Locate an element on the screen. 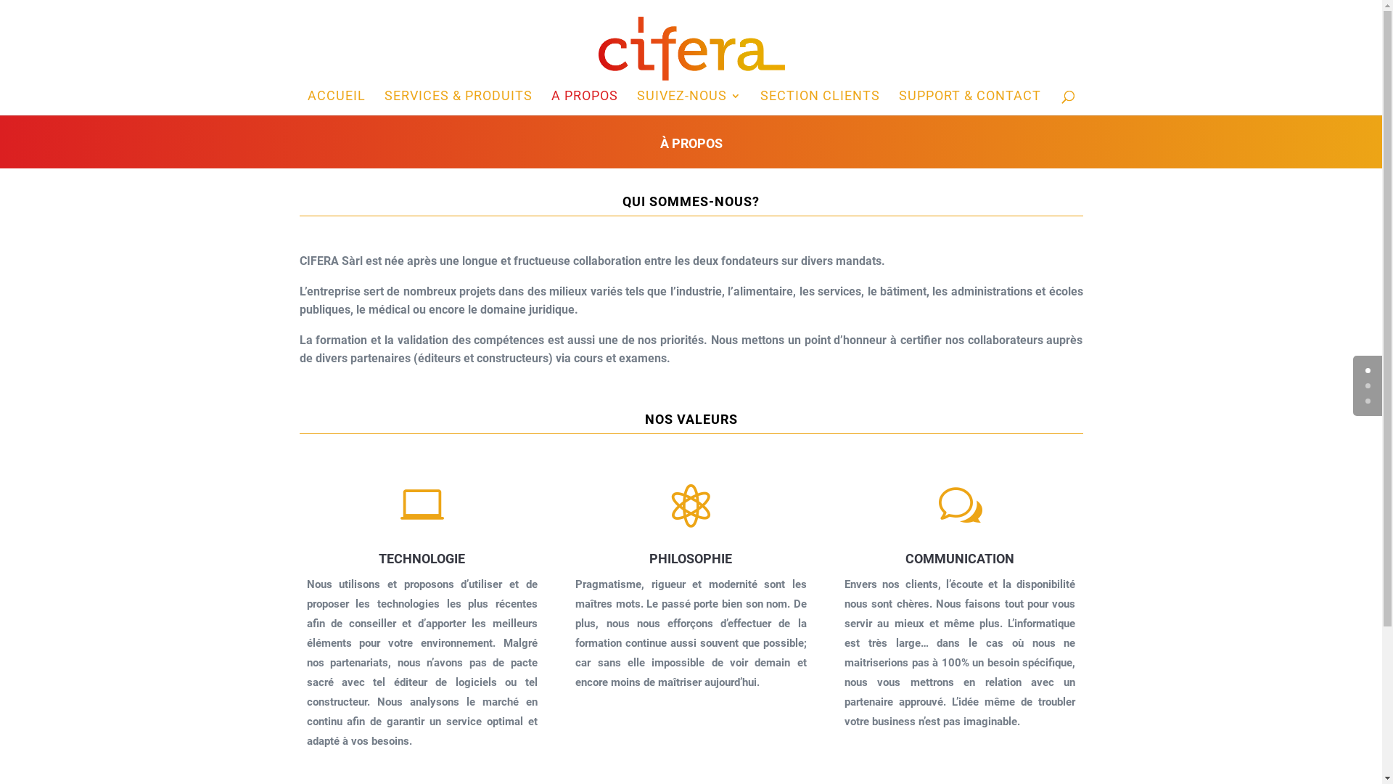 The width and height of the screenshot is (1393, 784). 'SECTION CLIENTS' is located at coordinates (820, 102).